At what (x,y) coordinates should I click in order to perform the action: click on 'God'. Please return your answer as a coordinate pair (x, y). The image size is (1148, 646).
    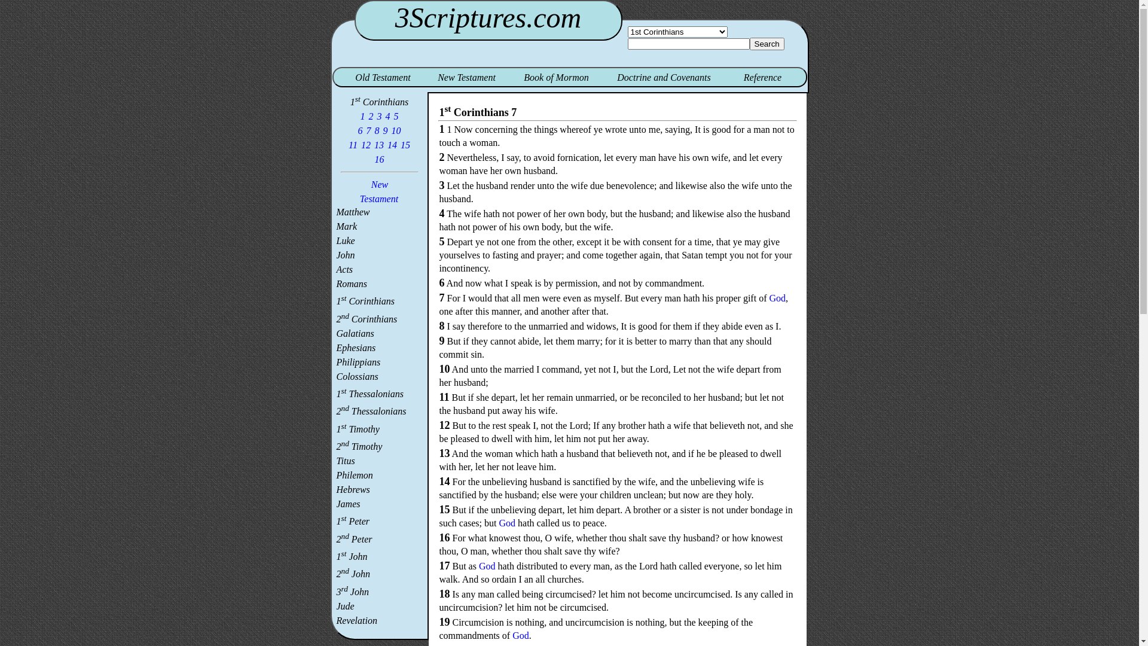
    Looking at the image, I should click on (507, 522).